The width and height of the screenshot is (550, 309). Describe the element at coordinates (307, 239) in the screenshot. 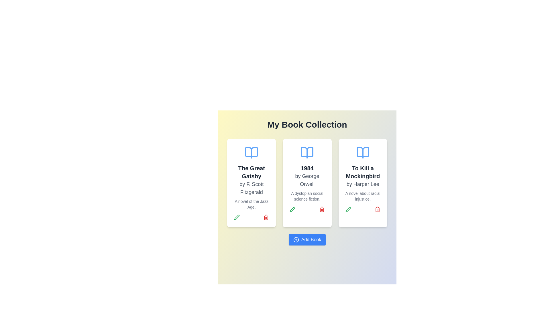

I see `the button that initiates the addition of a new book to the collection, located at the bottom of the 'My Book Collection' interface section` at that location.